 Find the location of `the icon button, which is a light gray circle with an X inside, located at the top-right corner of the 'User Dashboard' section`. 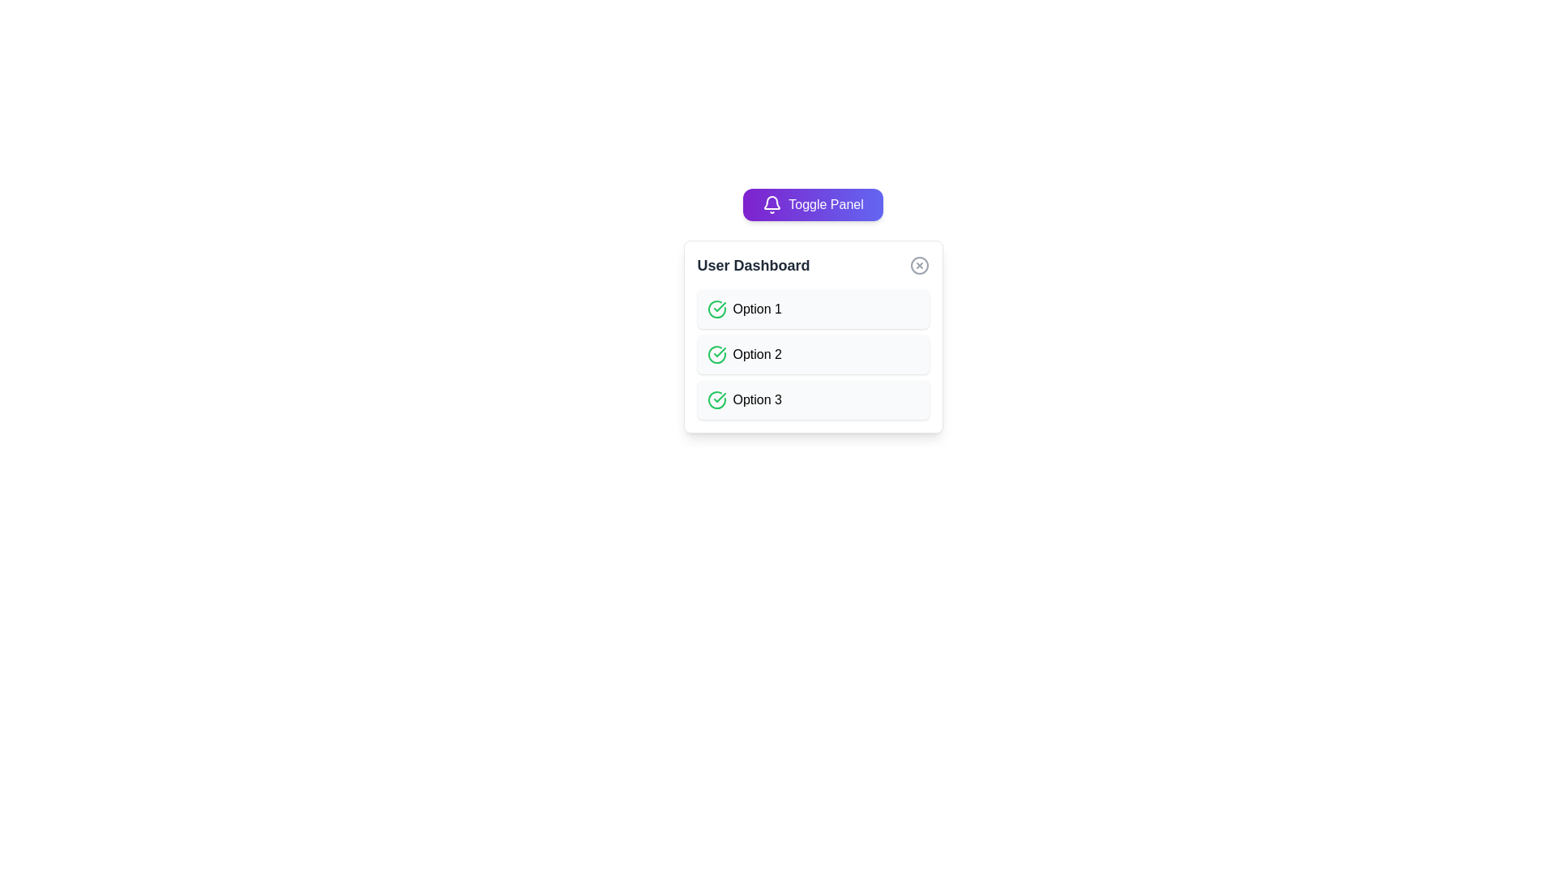

the icon button, which is a light gray circle with an X inside, located at the top-right corner of the 'User Dashboard' section is located at coordinates (919, 264).